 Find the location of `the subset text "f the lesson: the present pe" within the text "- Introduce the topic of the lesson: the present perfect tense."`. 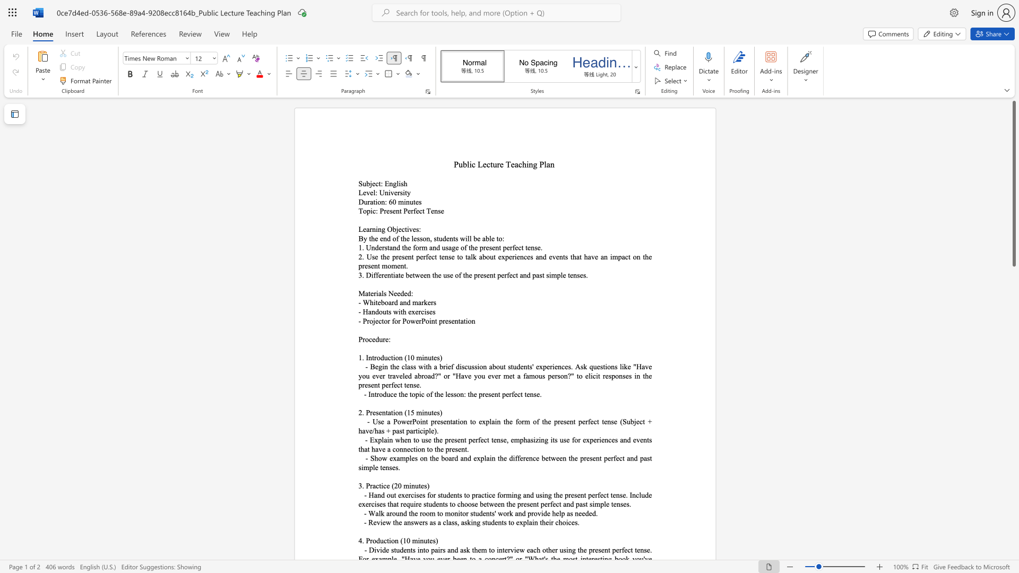

the subset text "f the lesson: the present pe" within the text "- Introduce the topic of the lesson: the present perfect tense." is located at coordinates (430, 394).